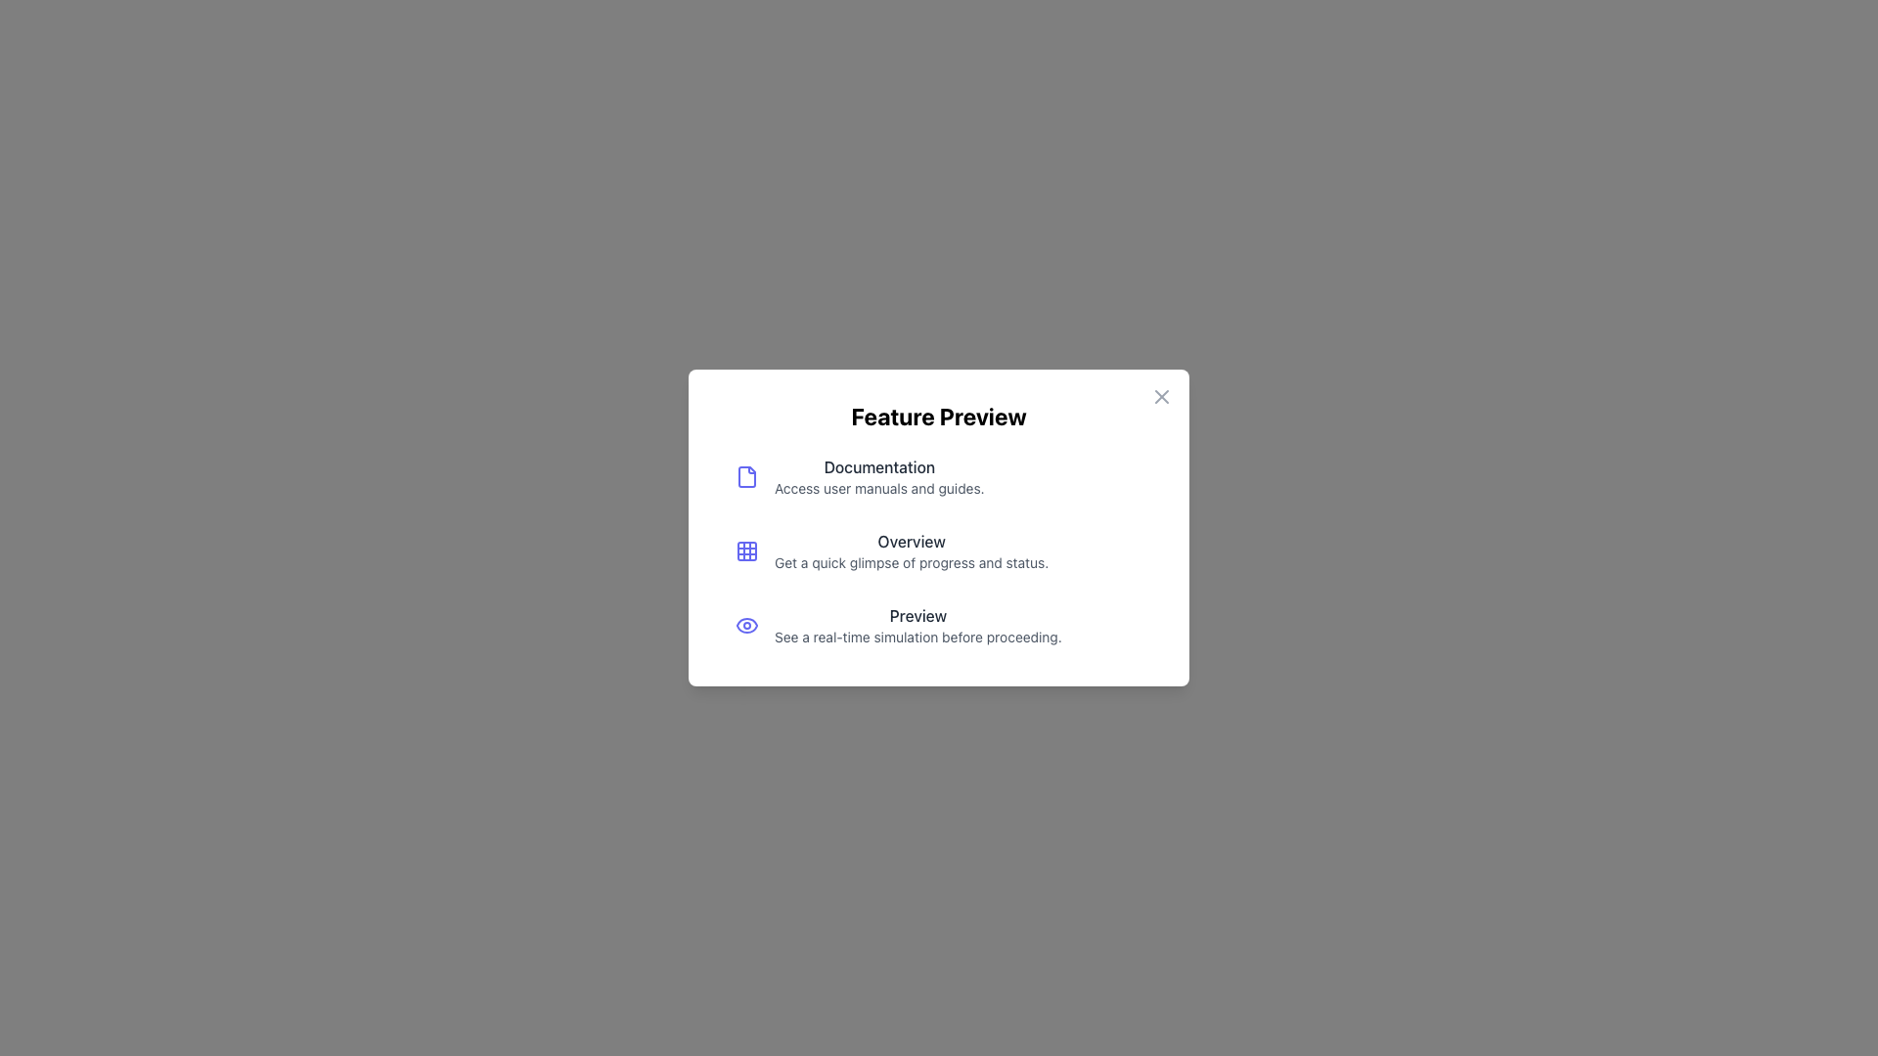  I want to click on the first interactive button in the vertical list, so click(939, 477).